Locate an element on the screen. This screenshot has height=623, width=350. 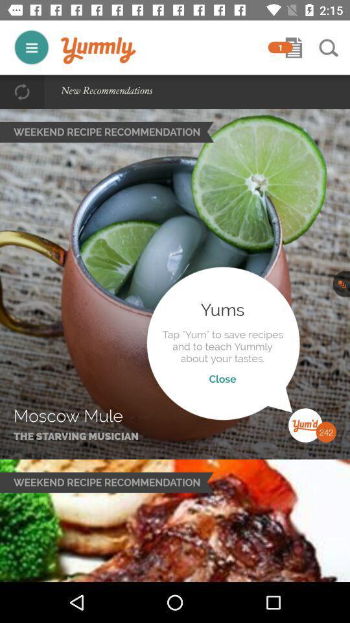
click grid to open settings options is located at coordinates (31, 47).